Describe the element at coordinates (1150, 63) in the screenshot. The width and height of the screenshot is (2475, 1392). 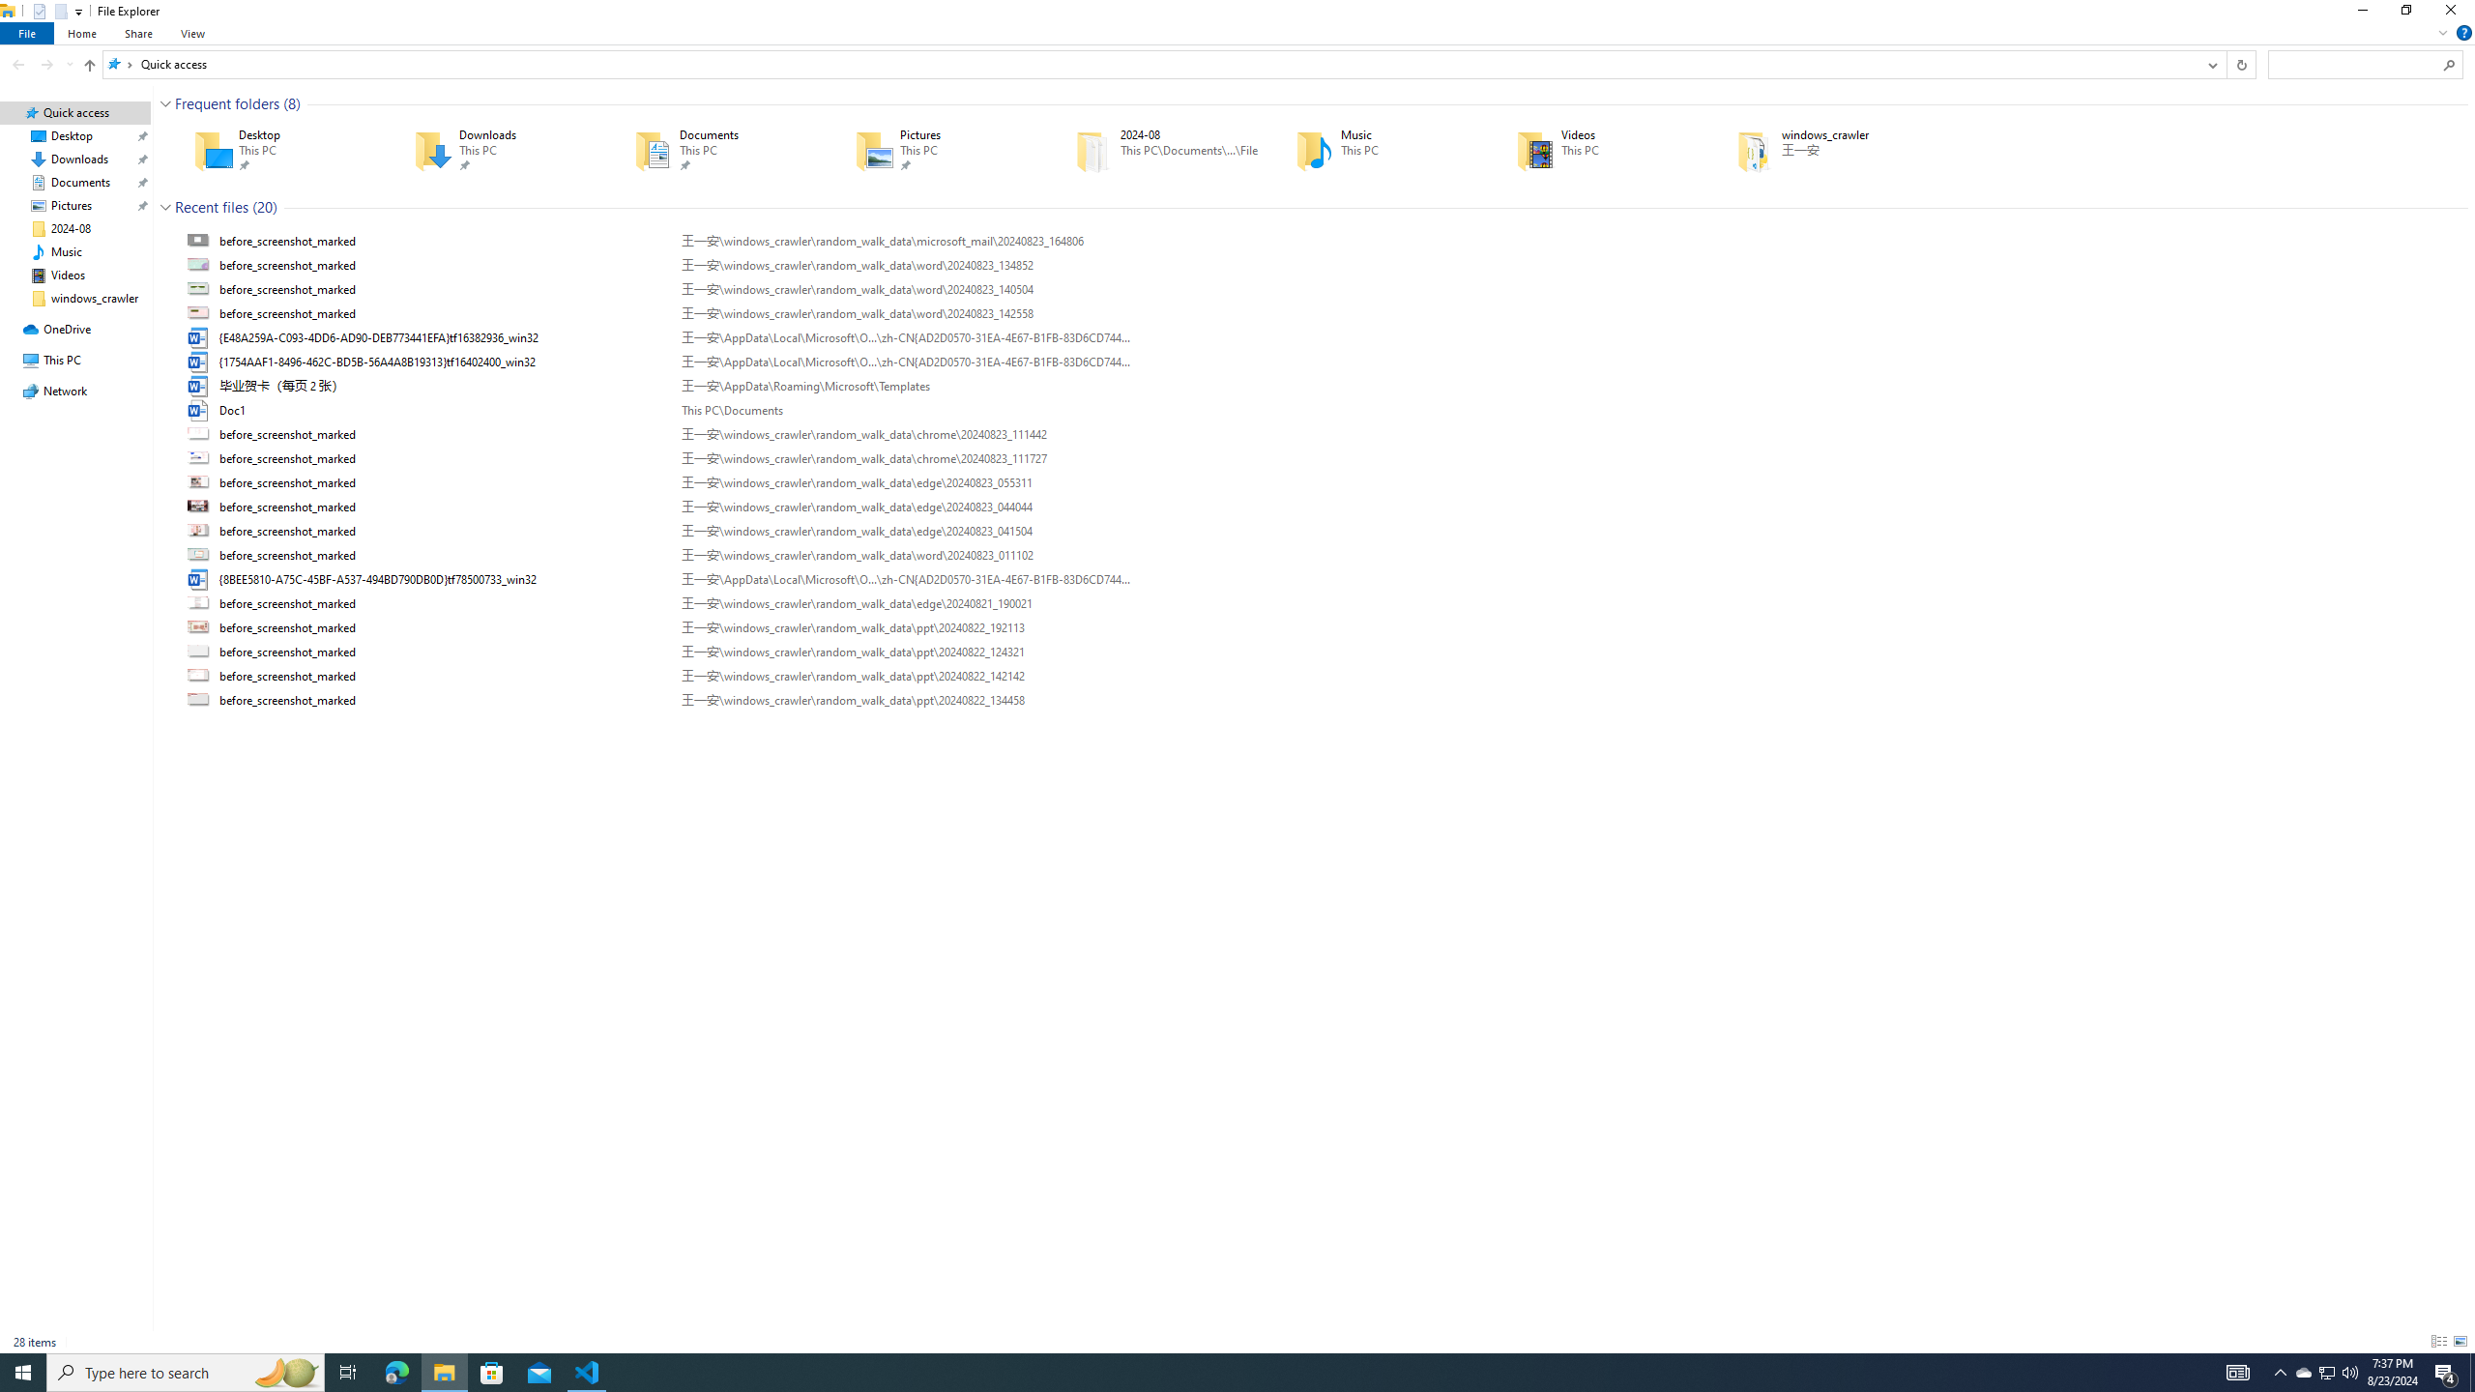
I see `'Address: Quick access'` at that location.